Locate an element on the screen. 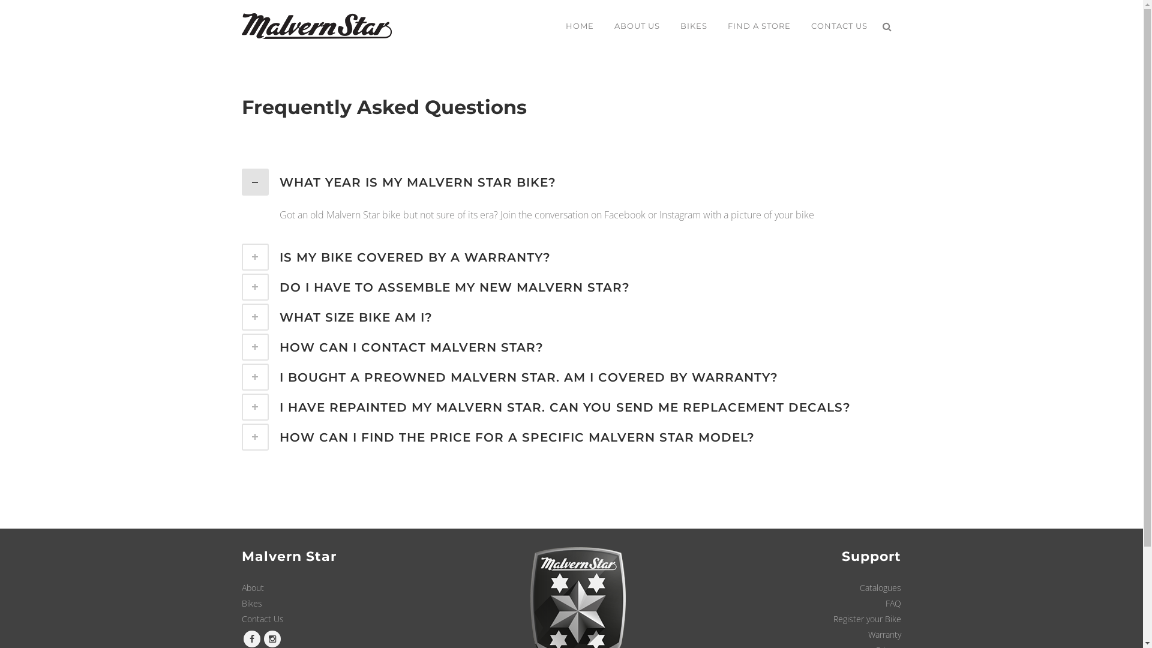 The height and width of the screenshot is (648, 1152). 'CONTACT US' is located at coordinates (800, 25).